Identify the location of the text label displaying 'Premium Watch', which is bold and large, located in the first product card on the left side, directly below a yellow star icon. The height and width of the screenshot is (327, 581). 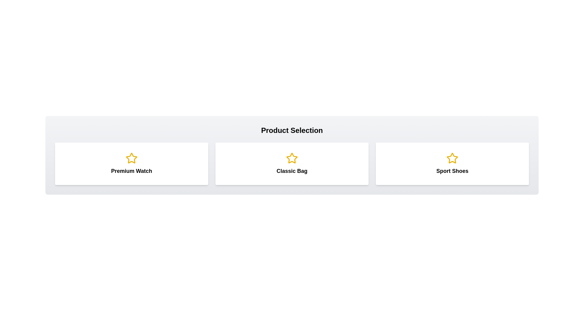
(131, 171).